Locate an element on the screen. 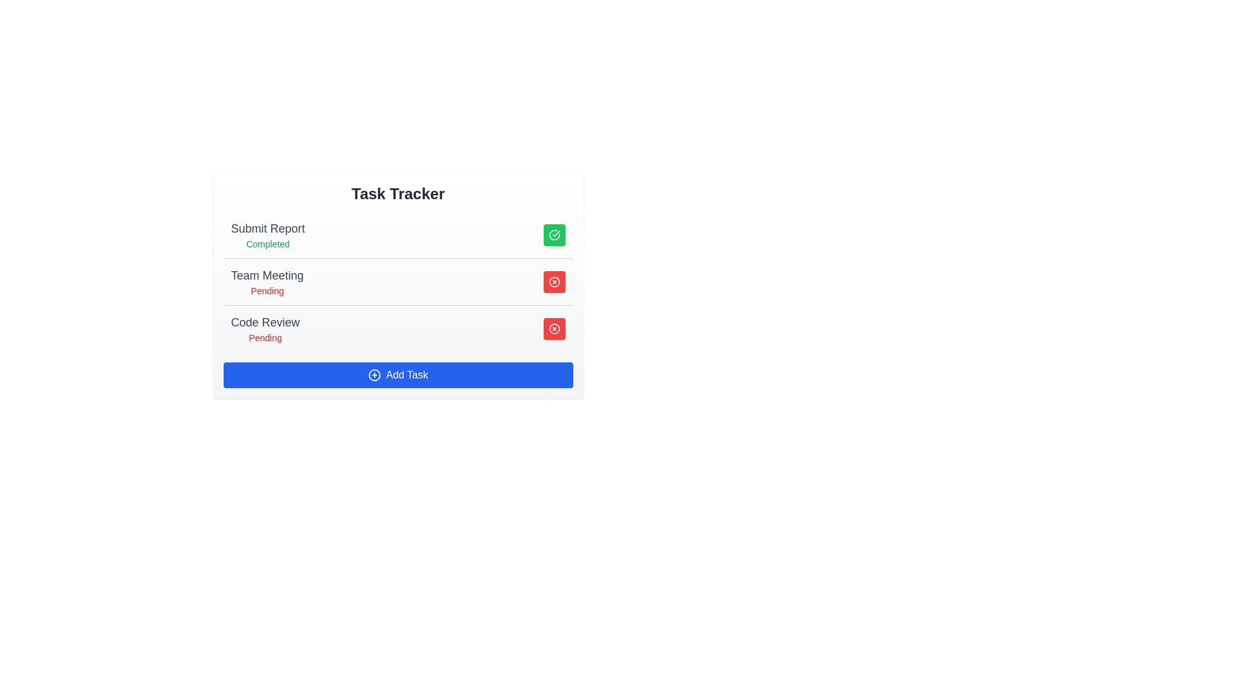  text content of the 'Code Review' label, which is a medium-sized gray text prominently displayed in the third row of the task list in the 'Task Tracker' interface is located at coordinates (264, 321).